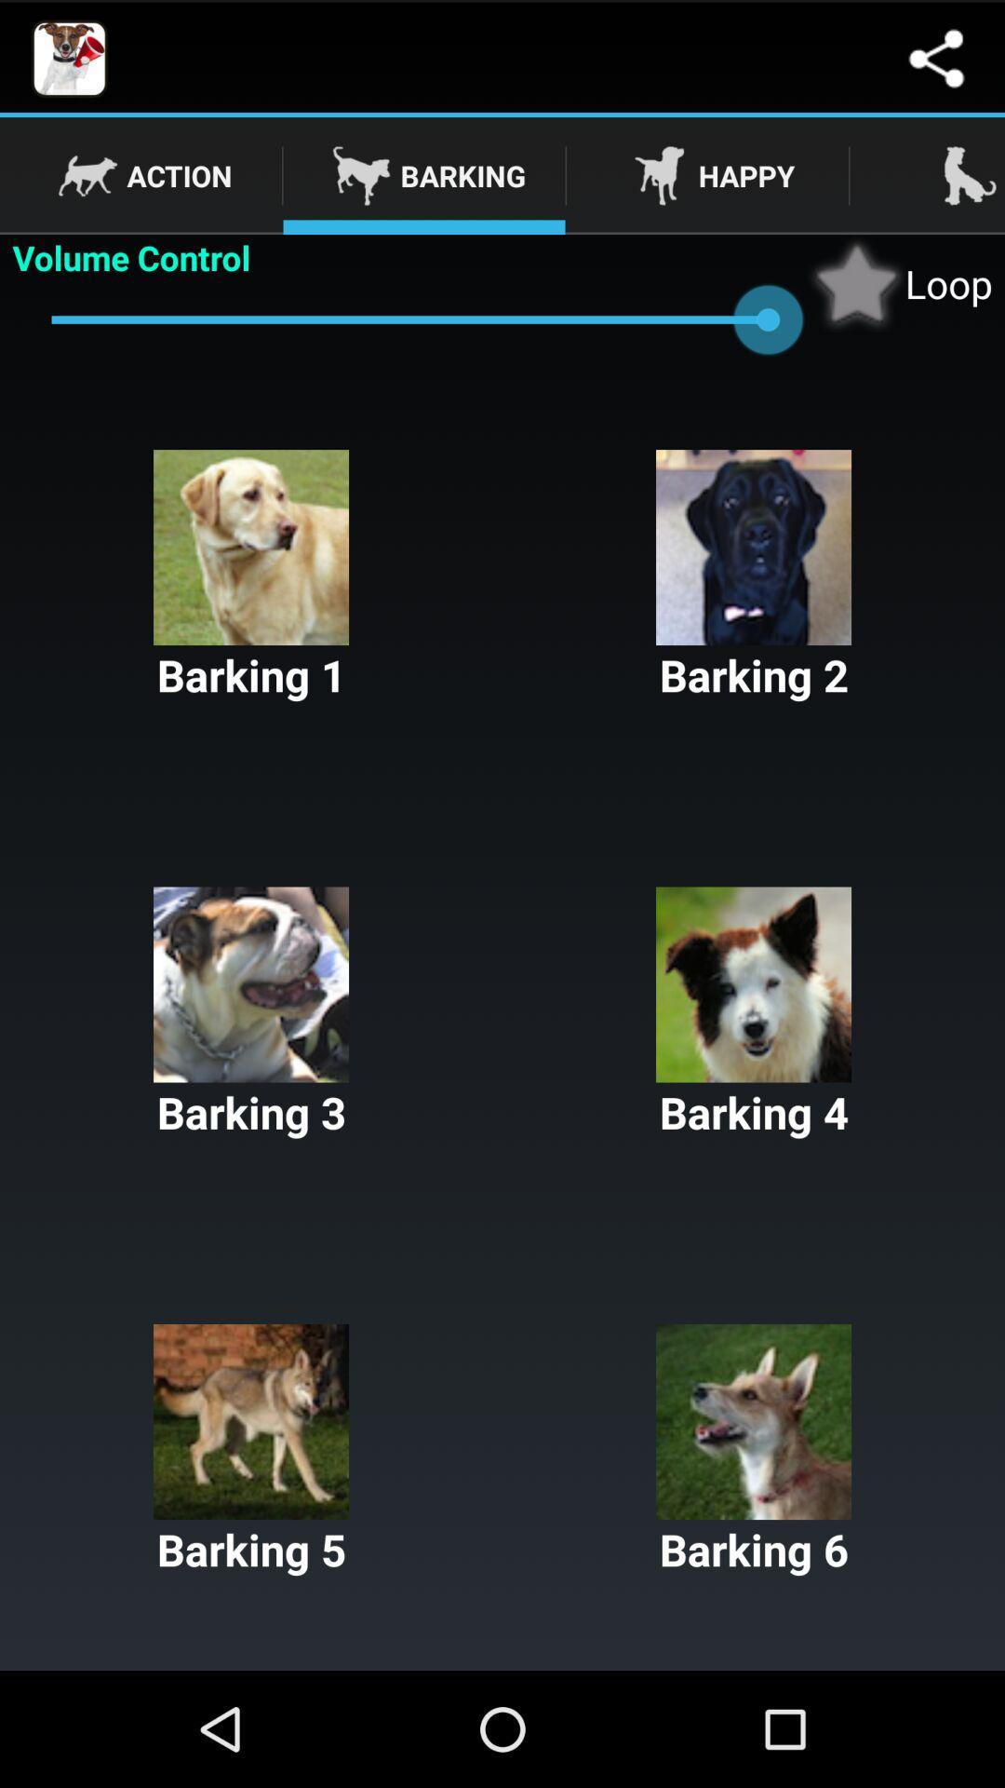  Describe the element at coordinates (754, 1450) in the screenshot. I see `the button at the bottom right corner` at that location.